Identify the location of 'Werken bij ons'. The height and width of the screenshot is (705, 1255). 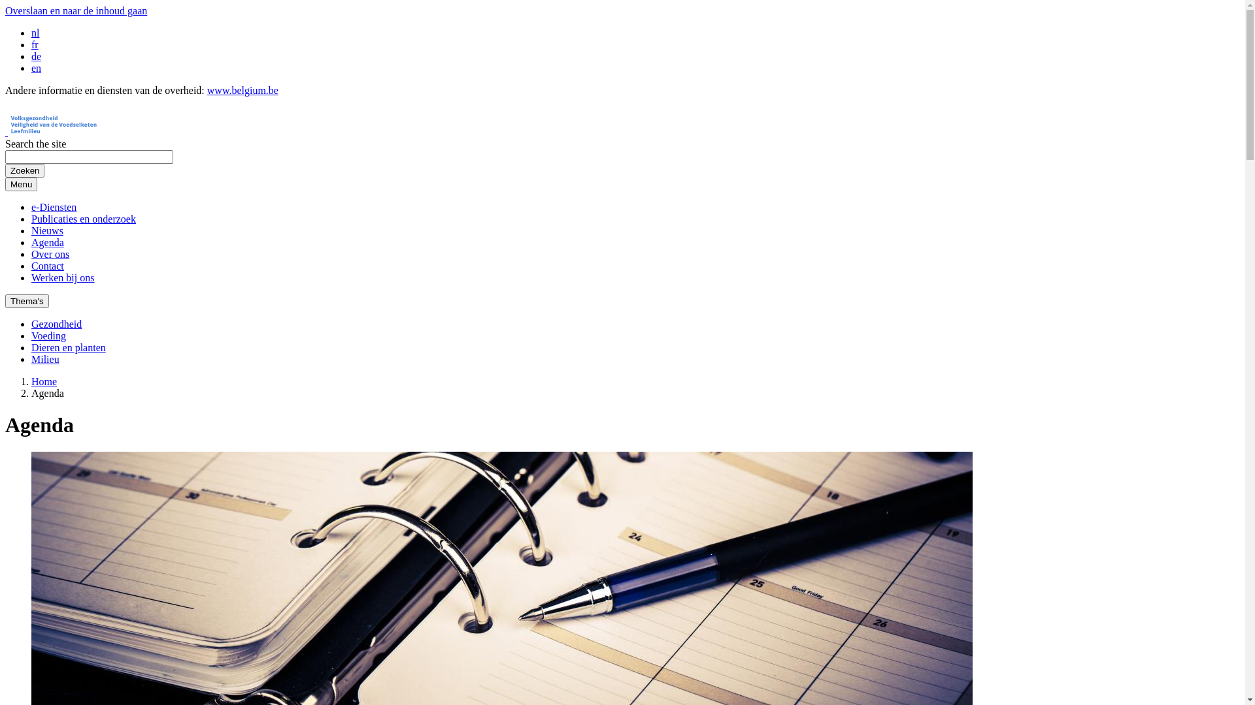
(62, 277).